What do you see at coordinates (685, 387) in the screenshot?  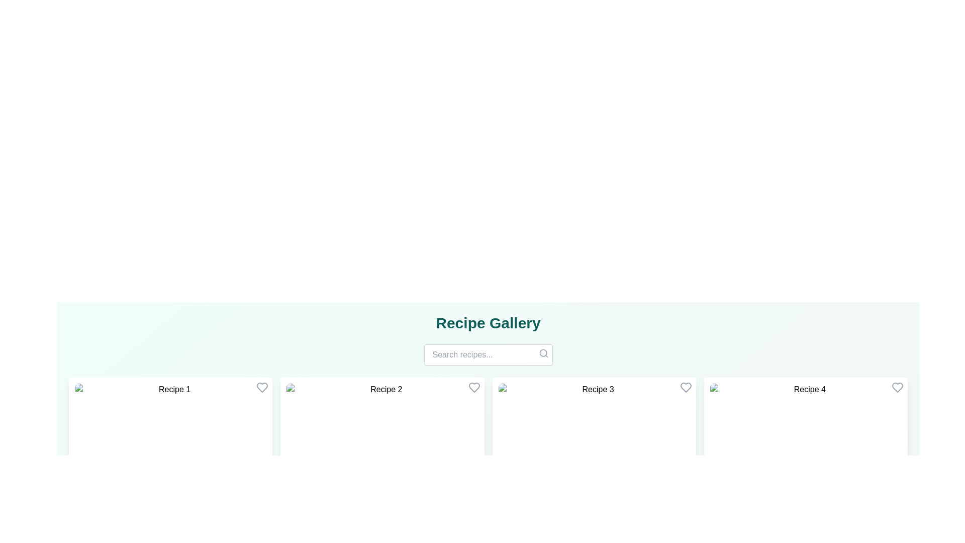 I see `the heart-shaped icon, which is styled as an outline and located at the top-right corner of the card labeled 'Recipe 3'` at bounding box center [685, 387].